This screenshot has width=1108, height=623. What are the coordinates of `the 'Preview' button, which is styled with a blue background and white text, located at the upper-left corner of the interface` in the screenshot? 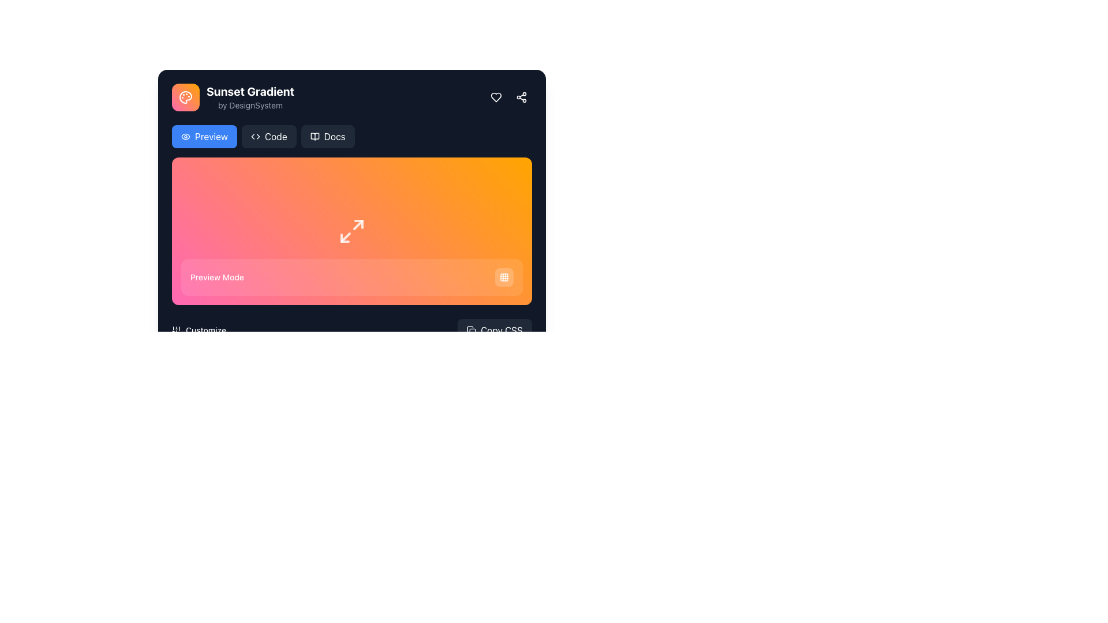 It's located at (204, 136).